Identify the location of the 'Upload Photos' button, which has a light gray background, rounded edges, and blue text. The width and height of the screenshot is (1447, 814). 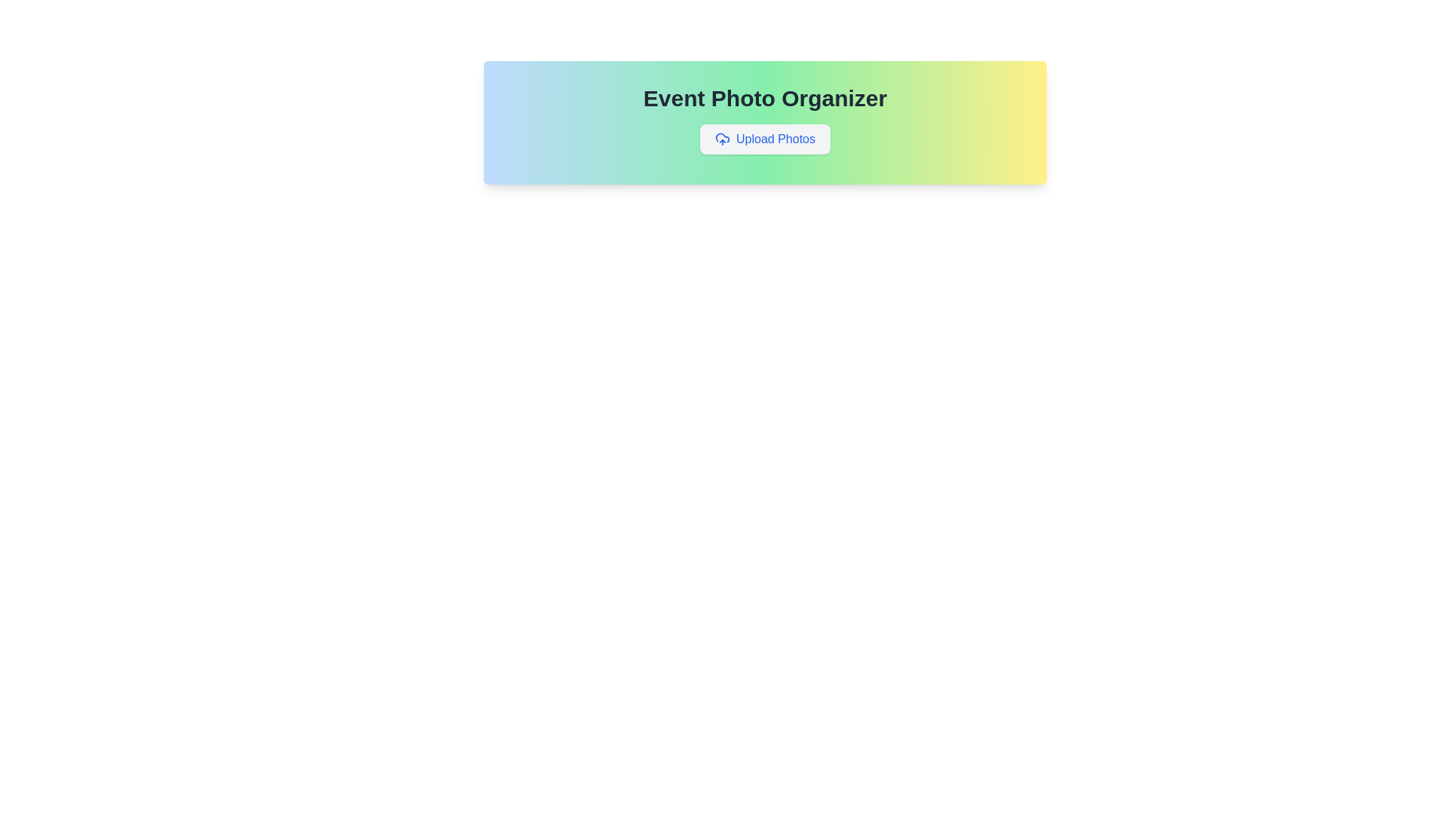
(765, 139).